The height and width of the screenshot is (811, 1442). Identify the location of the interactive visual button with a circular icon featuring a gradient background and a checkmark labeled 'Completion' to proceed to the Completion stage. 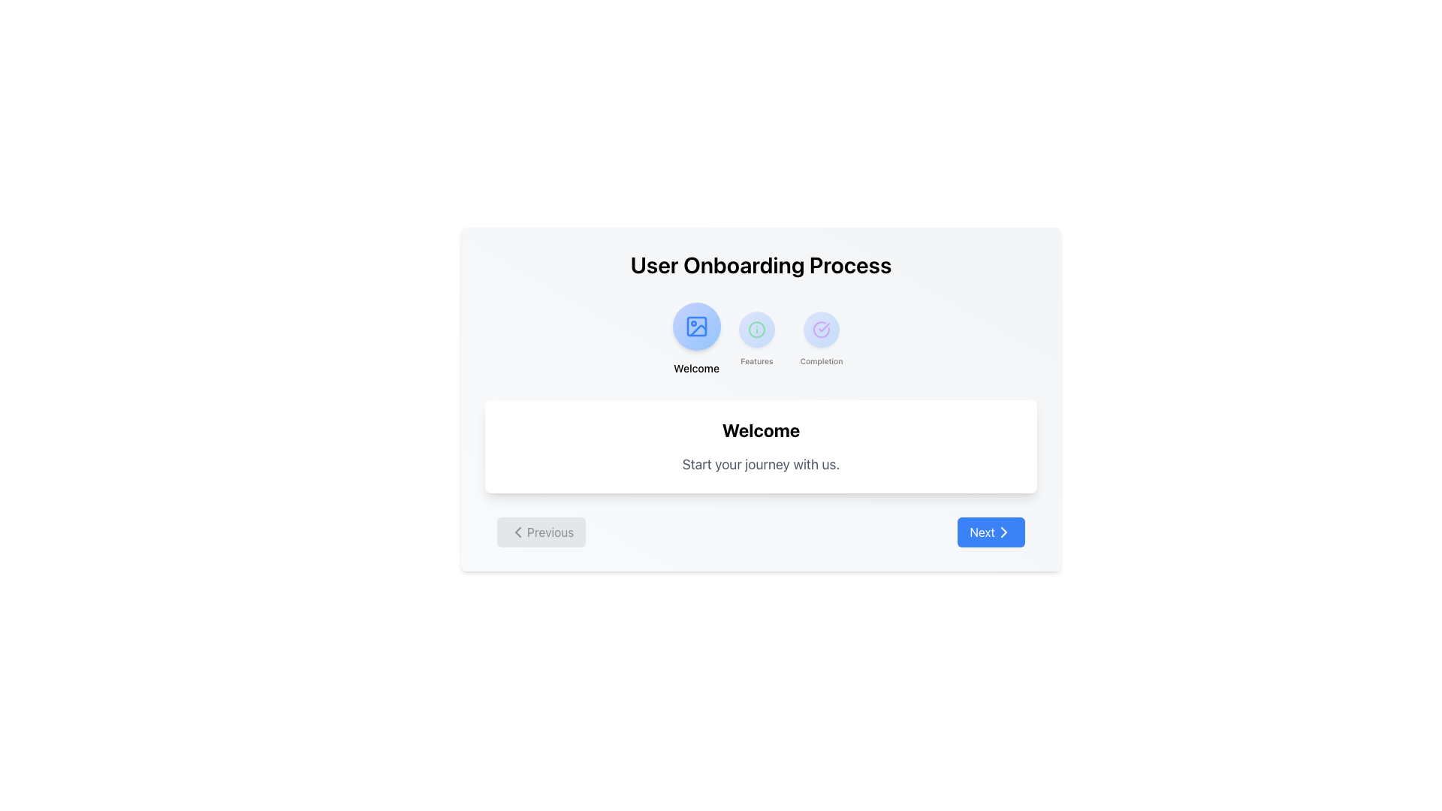
(820, 339).